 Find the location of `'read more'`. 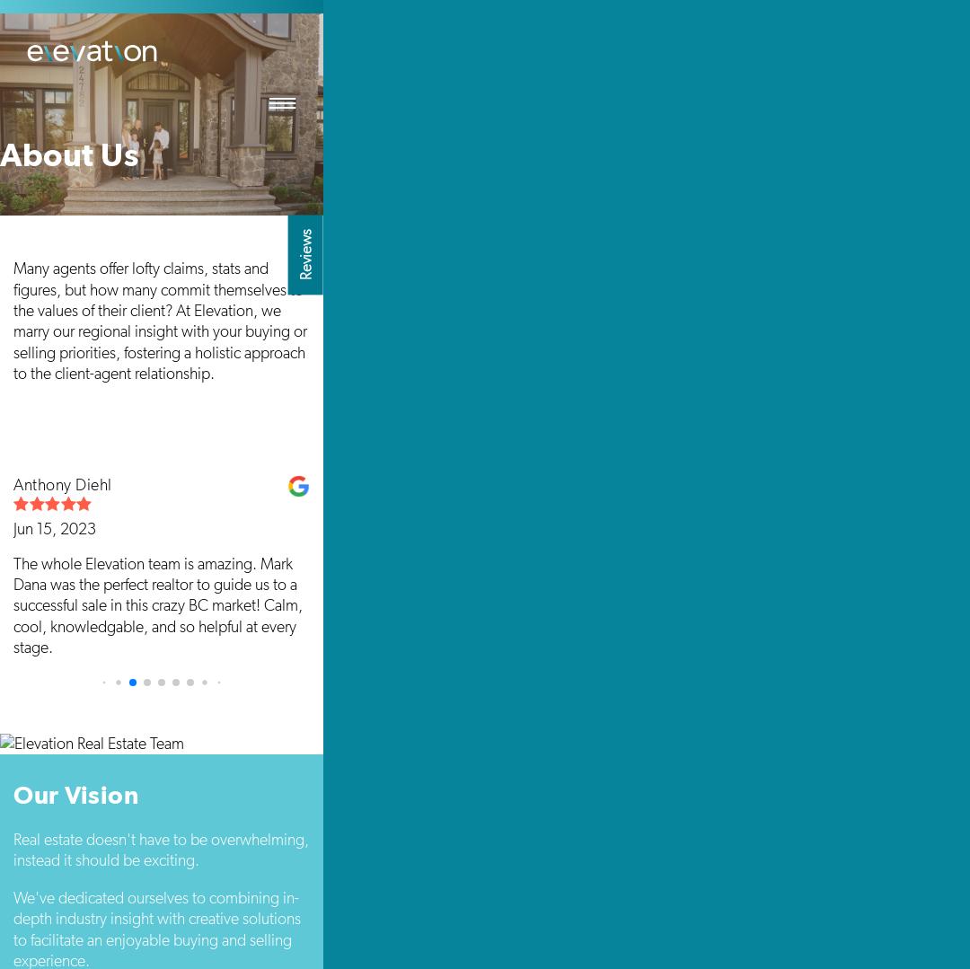

'read more' is located at coordinates (716, 729).